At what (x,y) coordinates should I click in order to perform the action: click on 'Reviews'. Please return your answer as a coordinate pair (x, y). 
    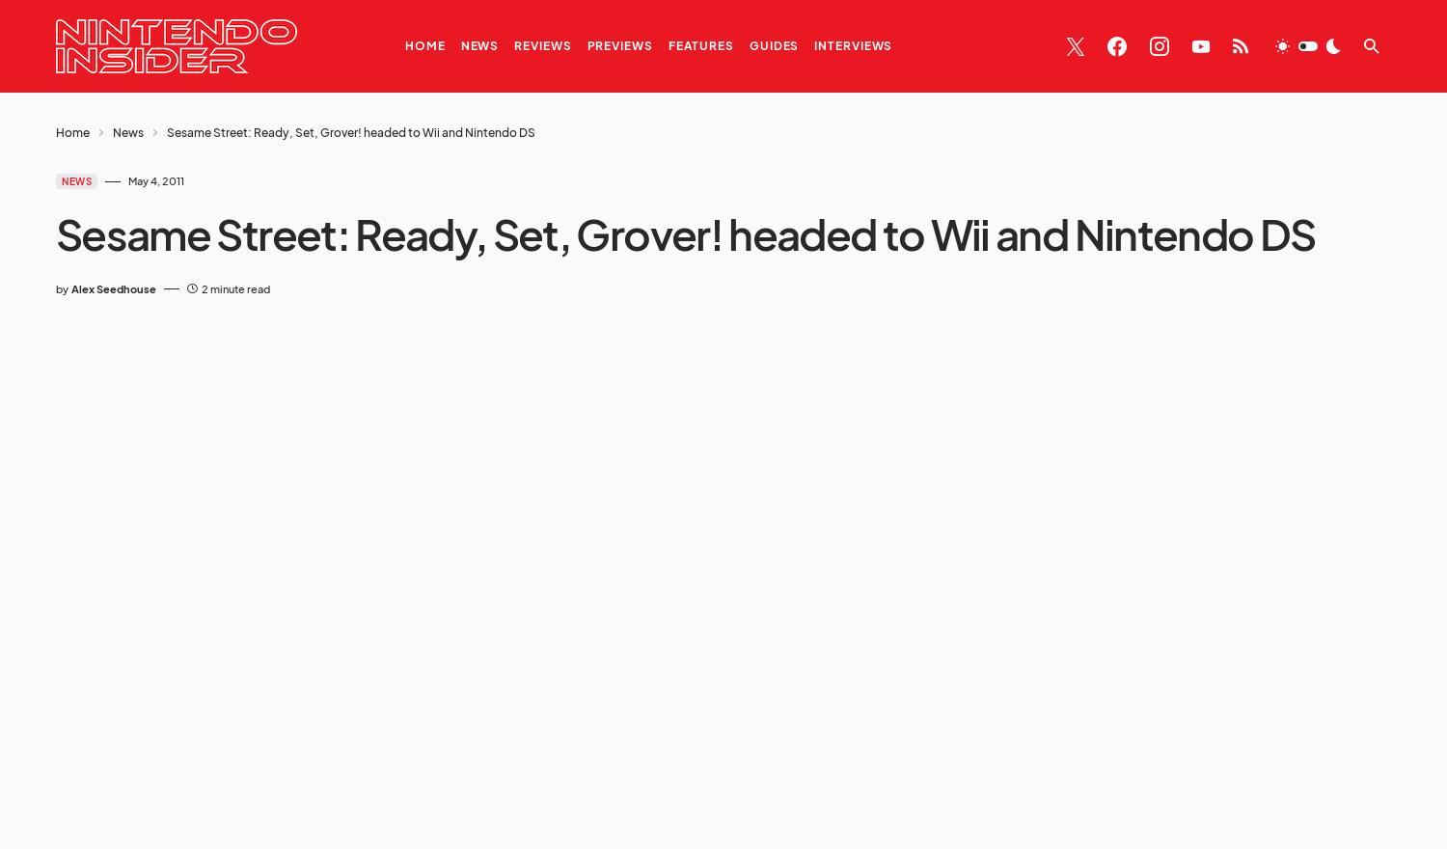
    Looking at the image, I should click on (542, 45).